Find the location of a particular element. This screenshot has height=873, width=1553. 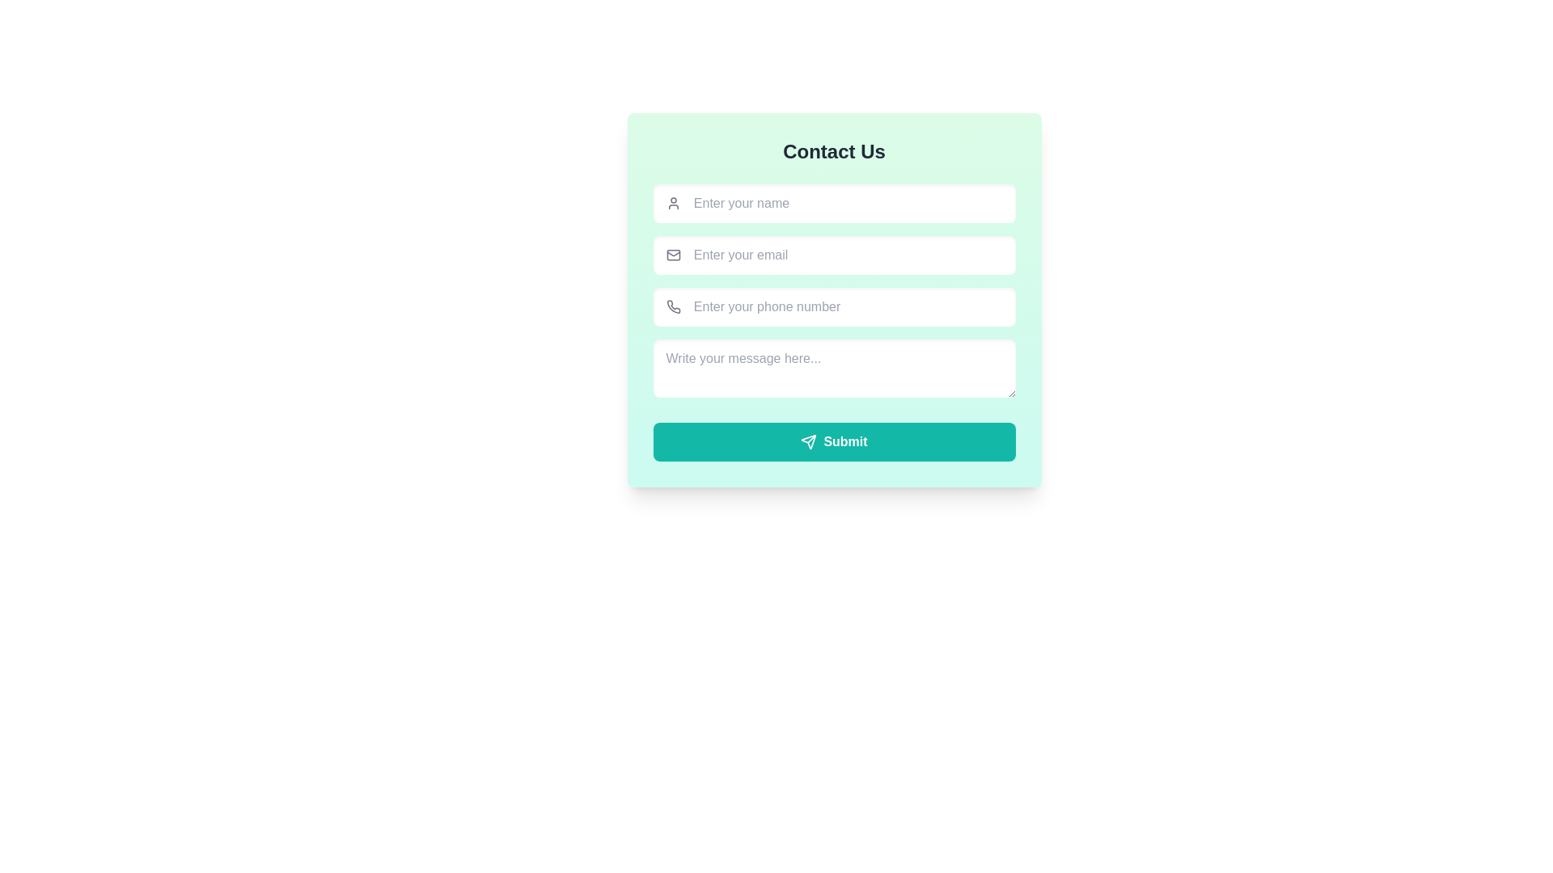

the cursor over the text input field for entering a phone number, which has a placeholder text 'Enter your phone number' is located at coordinates (847, 307).